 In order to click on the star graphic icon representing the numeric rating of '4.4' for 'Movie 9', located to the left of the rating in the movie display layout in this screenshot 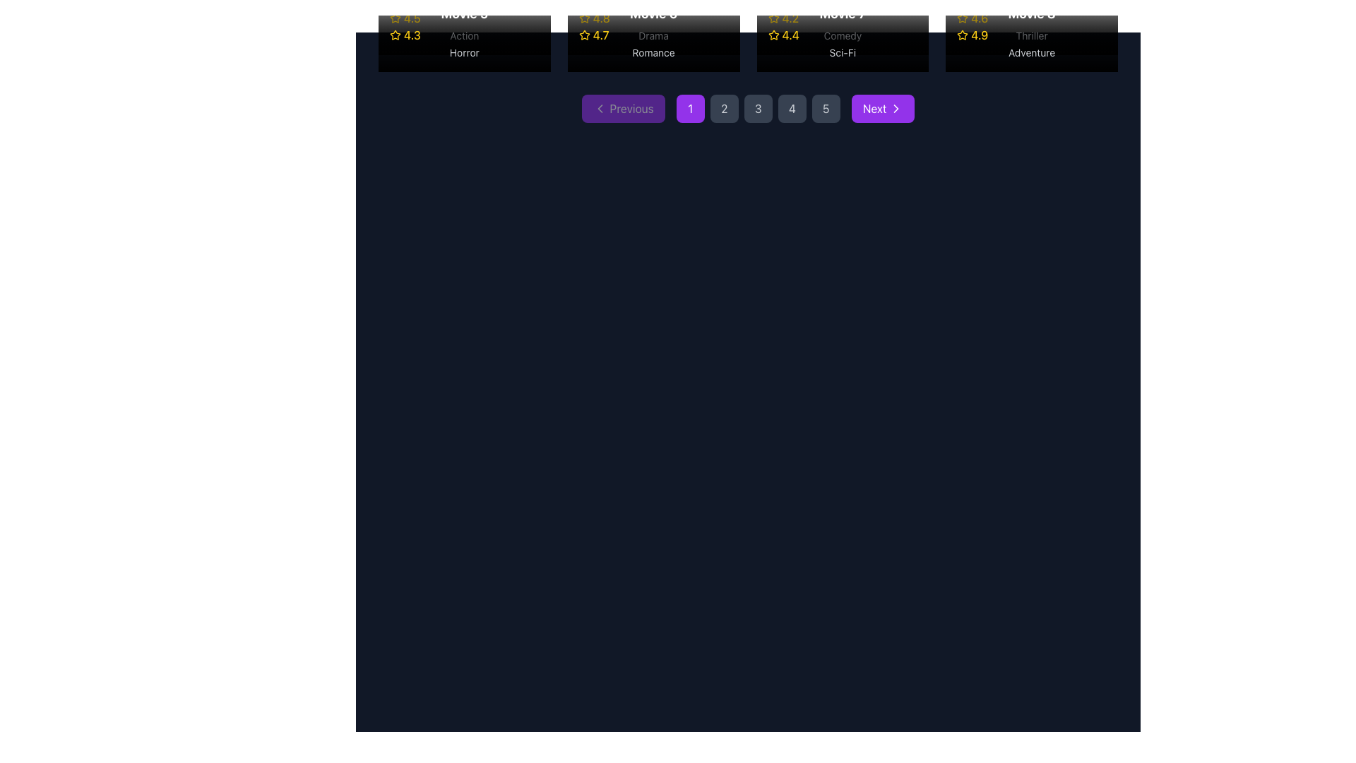, I will do `click(773, 18)`.